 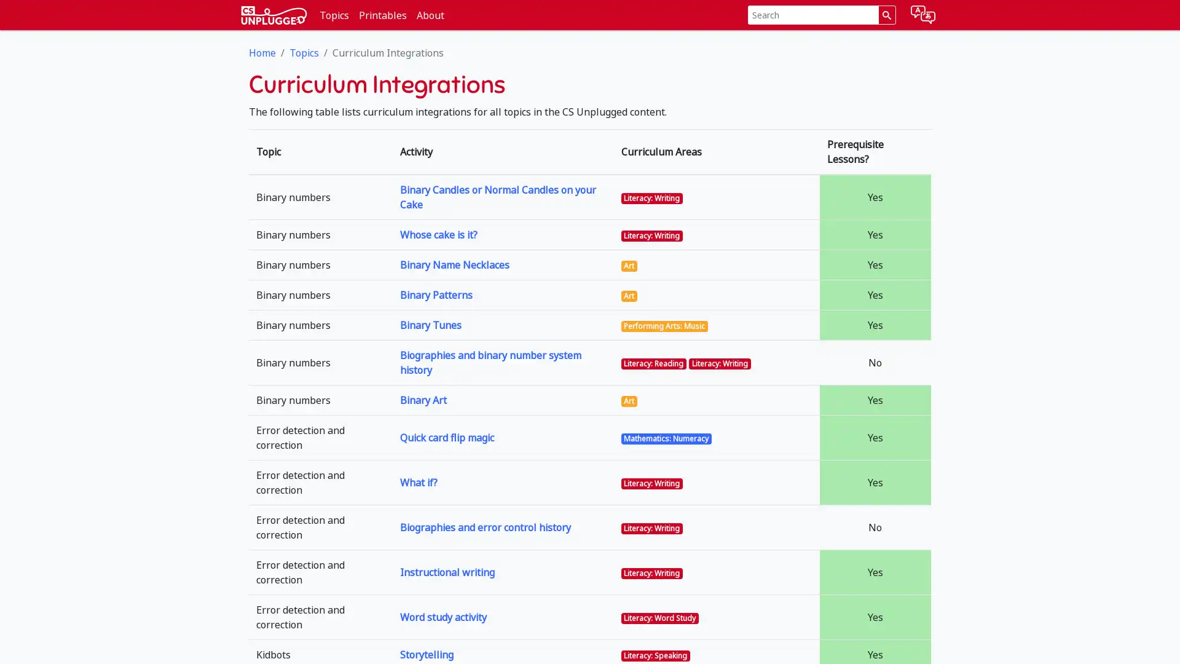 I want to click on Search, so click(x=886, y=15).